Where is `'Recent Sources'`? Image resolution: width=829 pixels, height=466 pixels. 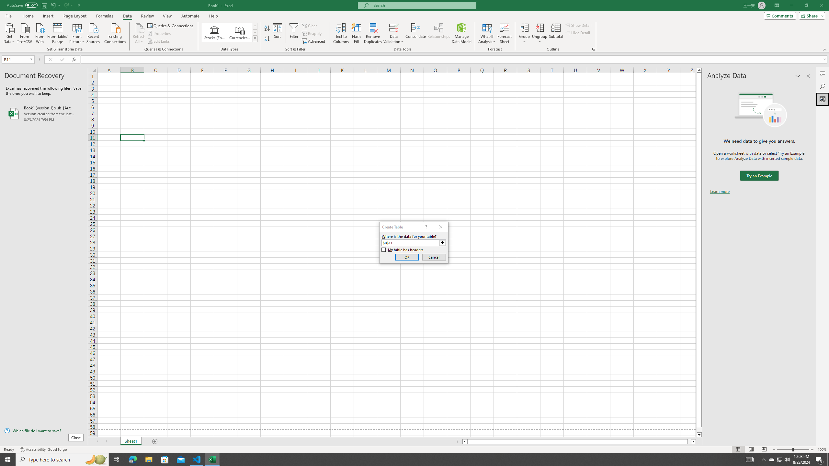 'Recent Sources' is located at coordinates (93, 32).